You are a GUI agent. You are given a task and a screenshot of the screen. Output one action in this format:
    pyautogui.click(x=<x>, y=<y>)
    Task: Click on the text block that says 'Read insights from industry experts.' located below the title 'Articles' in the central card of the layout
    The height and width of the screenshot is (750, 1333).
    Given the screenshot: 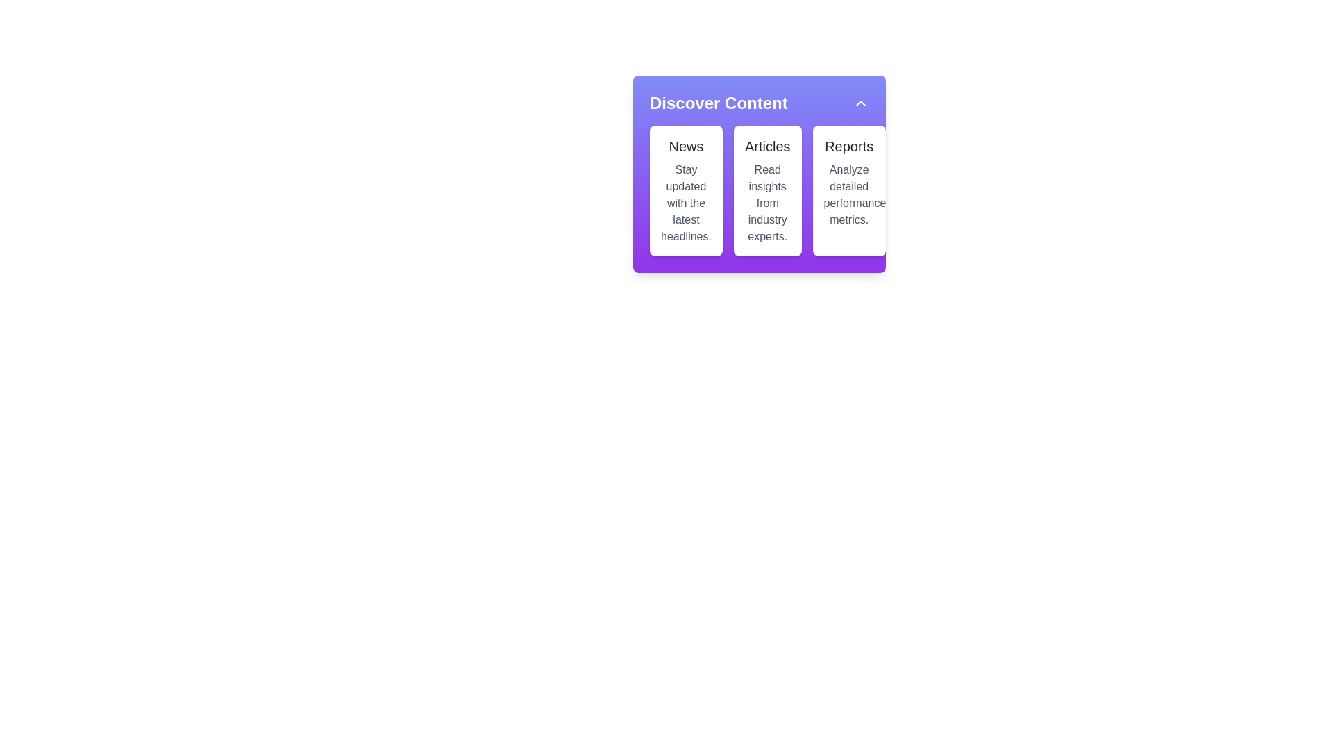 What is the action you would take?
    pyautogui.click(x=766, y=203)
    